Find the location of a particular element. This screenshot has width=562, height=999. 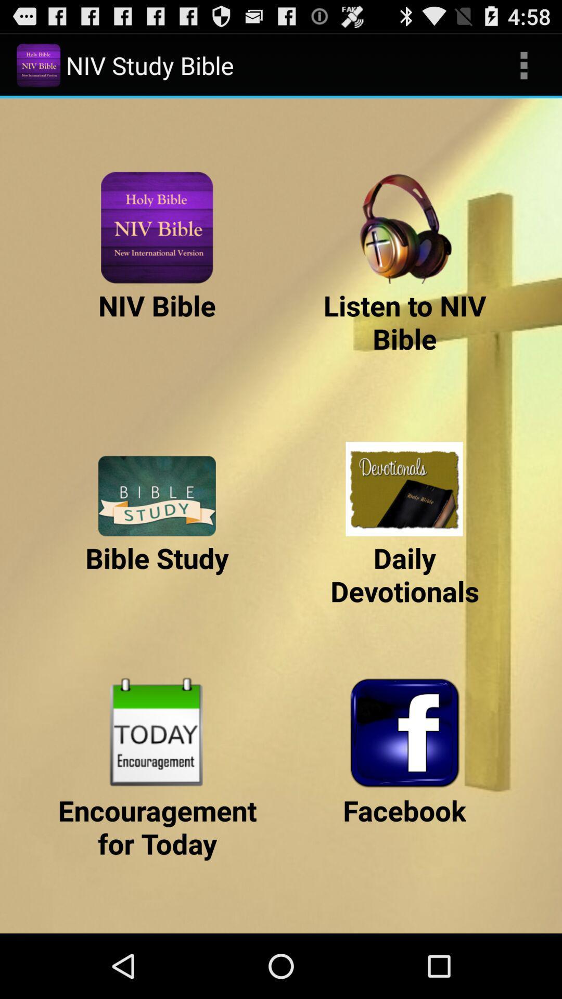

item to the right of the niv study bible is located at coordinates (523, 65).